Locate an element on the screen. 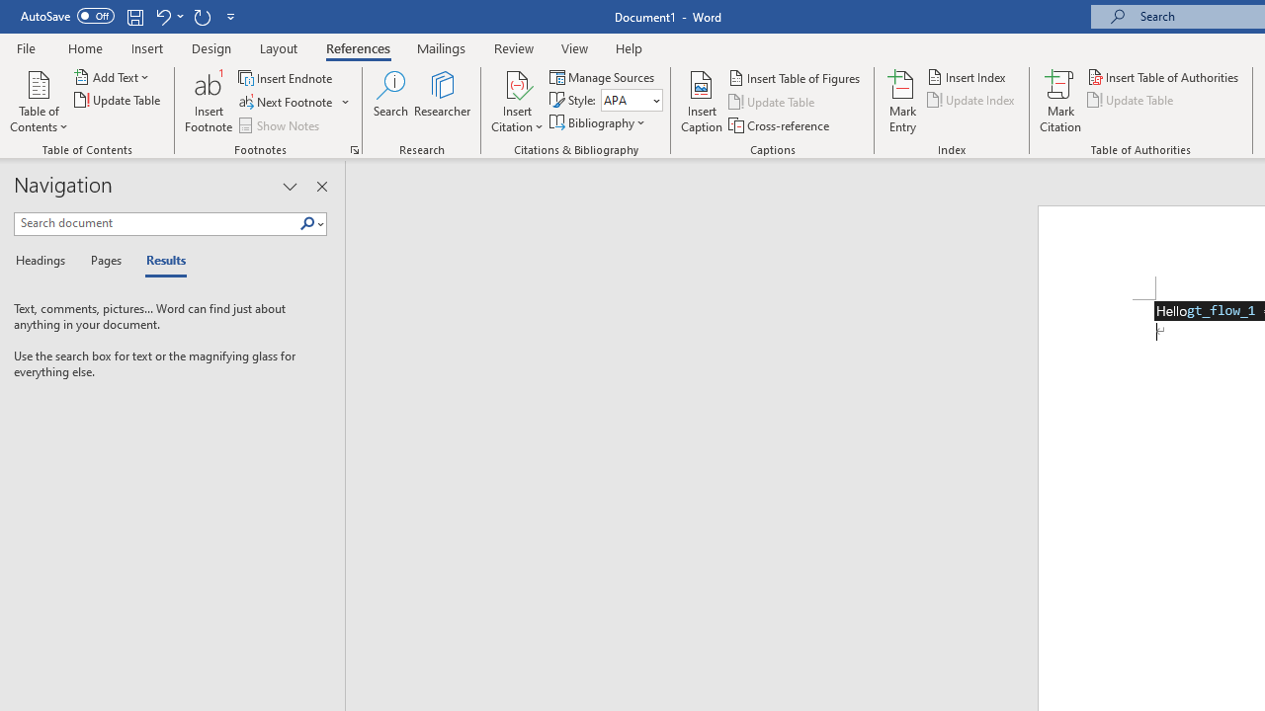 The width and height of the screenshot is (1265, 711). 'Headings' is located at coordinates (44, 261).